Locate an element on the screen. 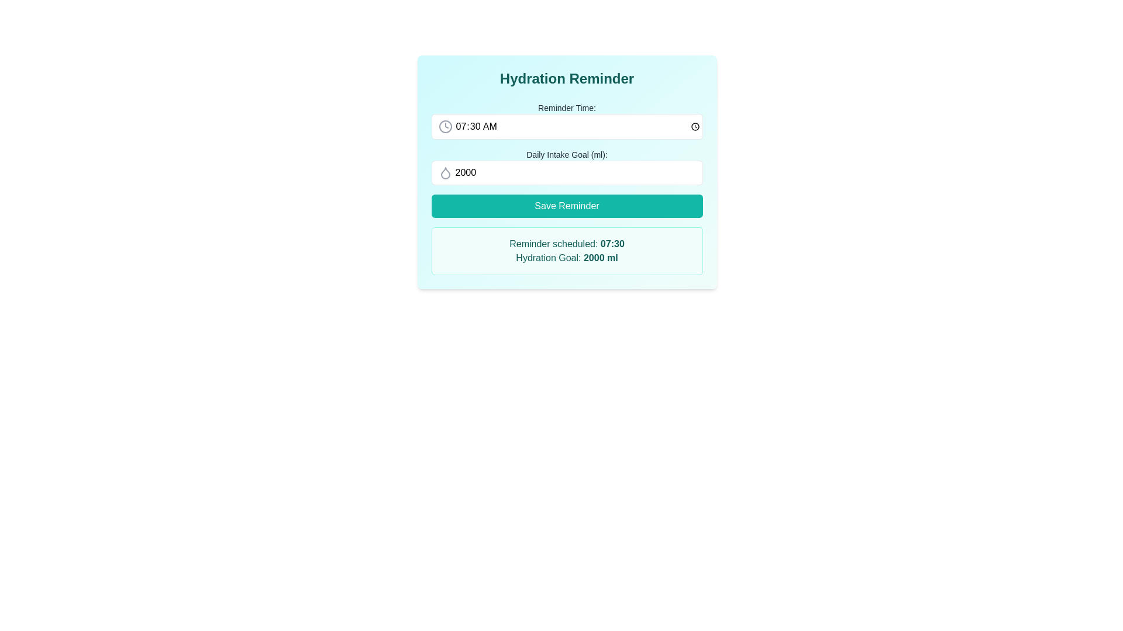 Image resolution: width=1123 pixels, height=631 pixels. the 'Save Reminder' button, which has a teal background and white text is located at coordinates (567, 206).